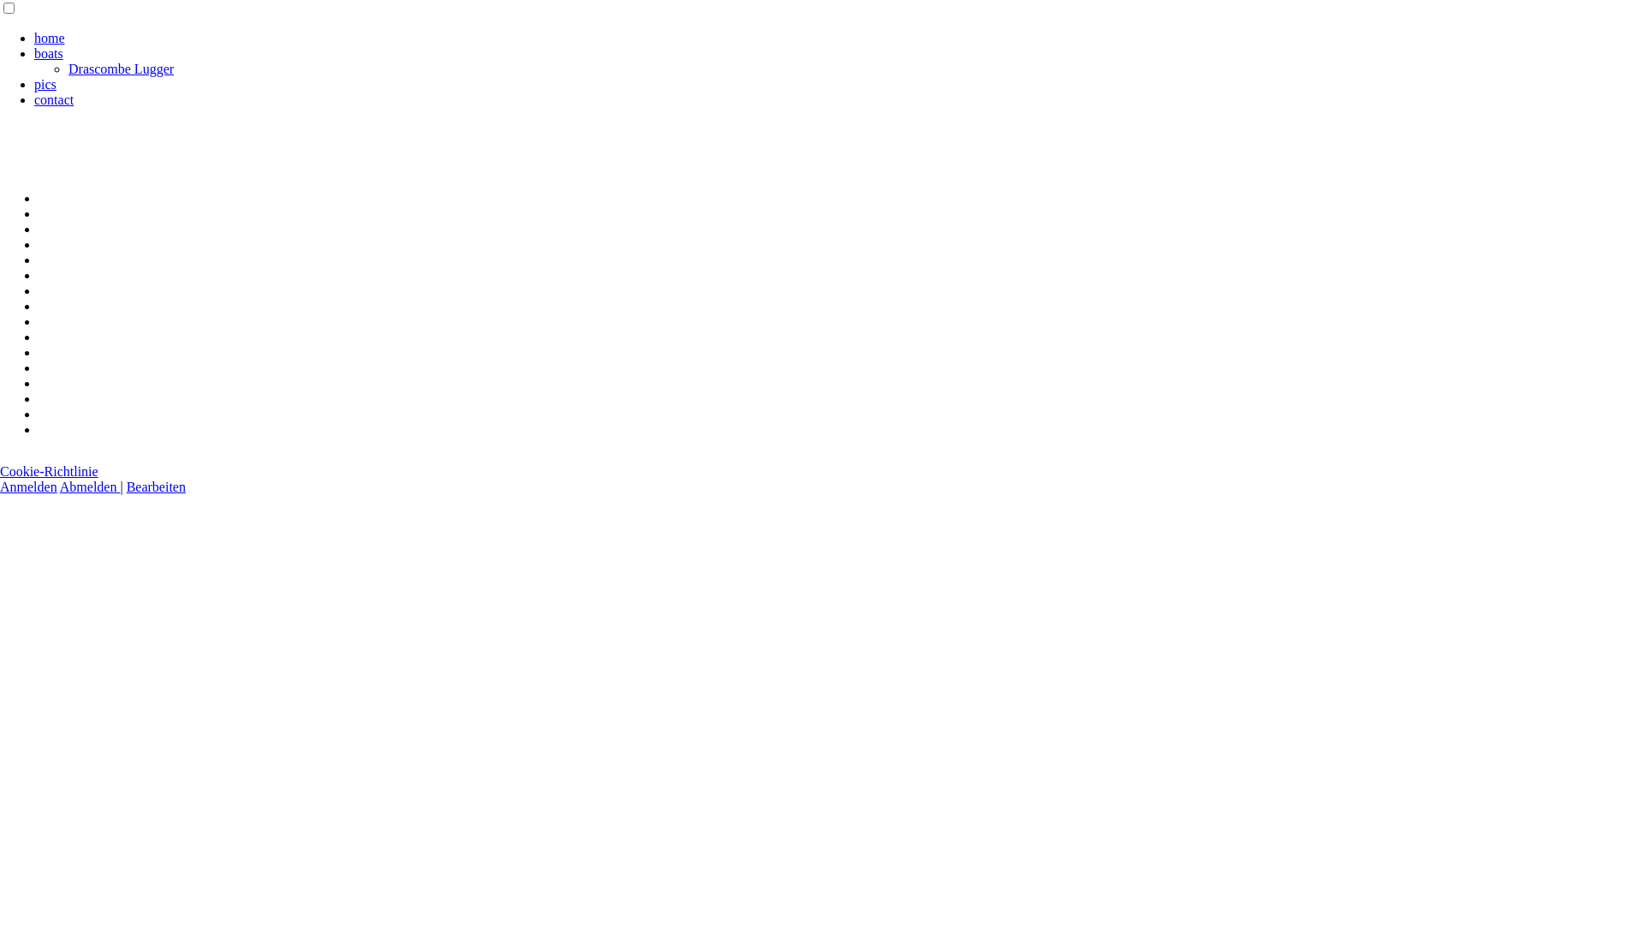 The height and width of the screenshot is (925, 1644). Describe the element at coordinates (89, 486) in the screenshot. I see `'Abmelden'` at that location.